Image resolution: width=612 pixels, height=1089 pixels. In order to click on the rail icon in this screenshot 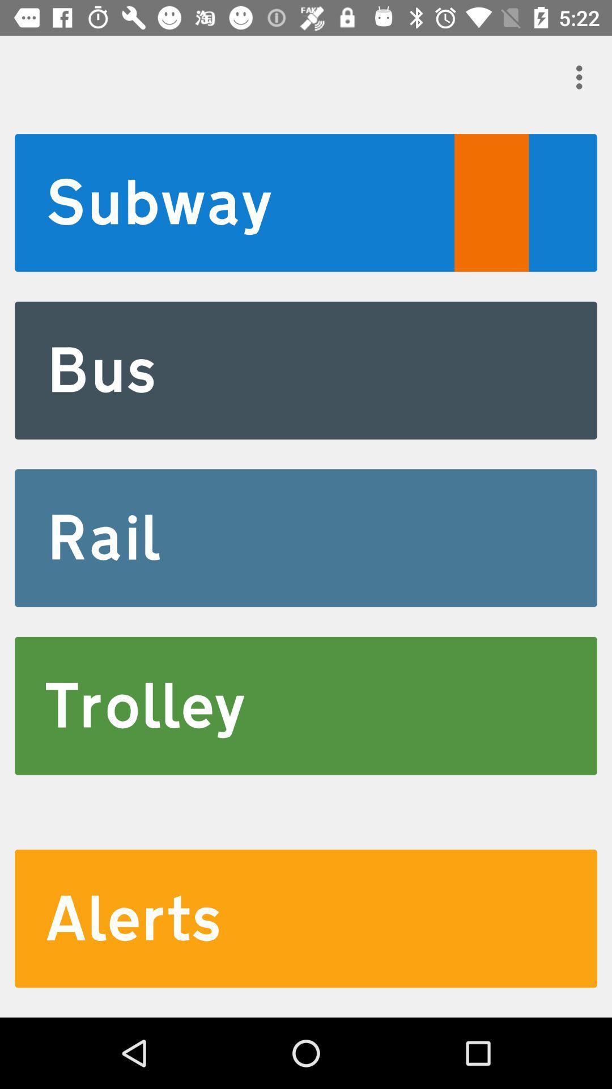, I will do `click(306, 537)`.